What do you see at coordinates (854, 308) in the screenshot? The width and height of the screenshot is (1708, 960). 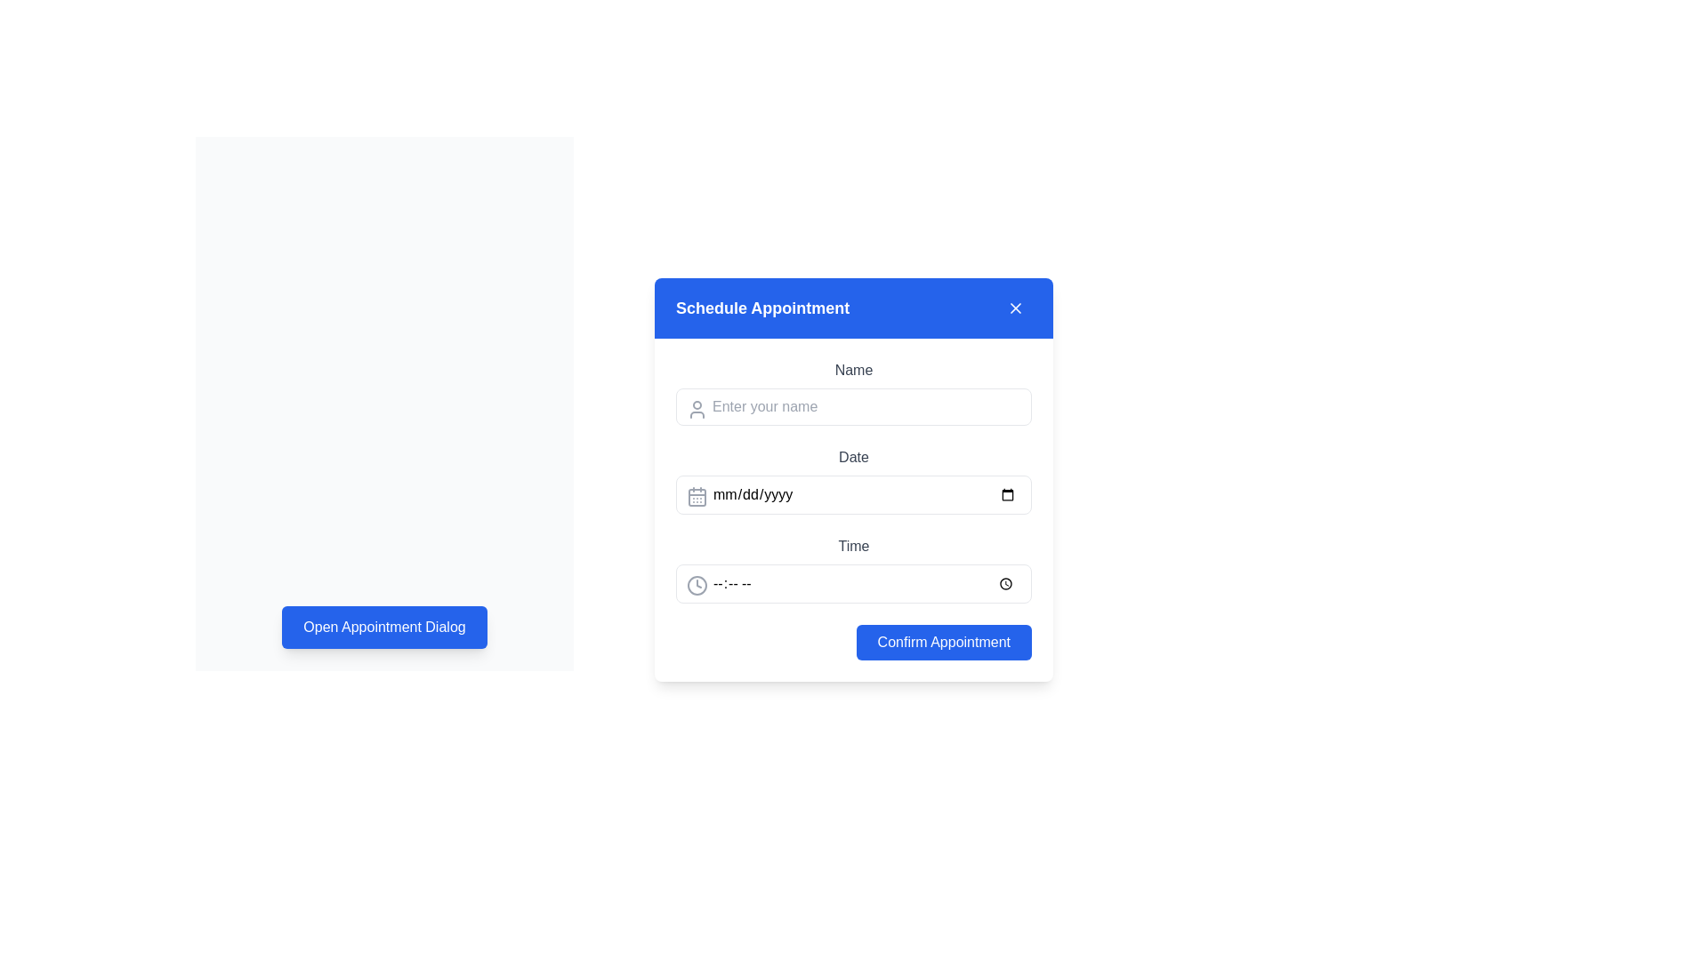 I see `the modal by the header with title and close button` at bounding box center [854, 308].